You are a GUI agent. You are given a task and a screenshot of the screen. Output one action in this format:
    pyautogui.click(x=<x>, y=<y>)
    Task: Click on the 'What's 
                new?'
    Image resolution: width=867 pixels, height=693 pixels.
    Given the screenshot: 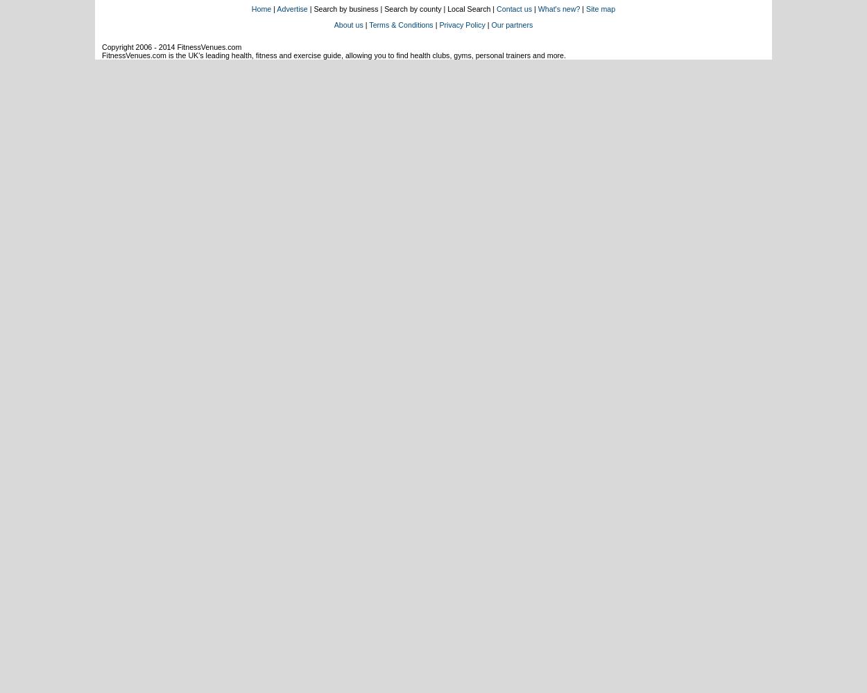 What is the action you would take?
    pyautogui.click(x=558, y=9)
    